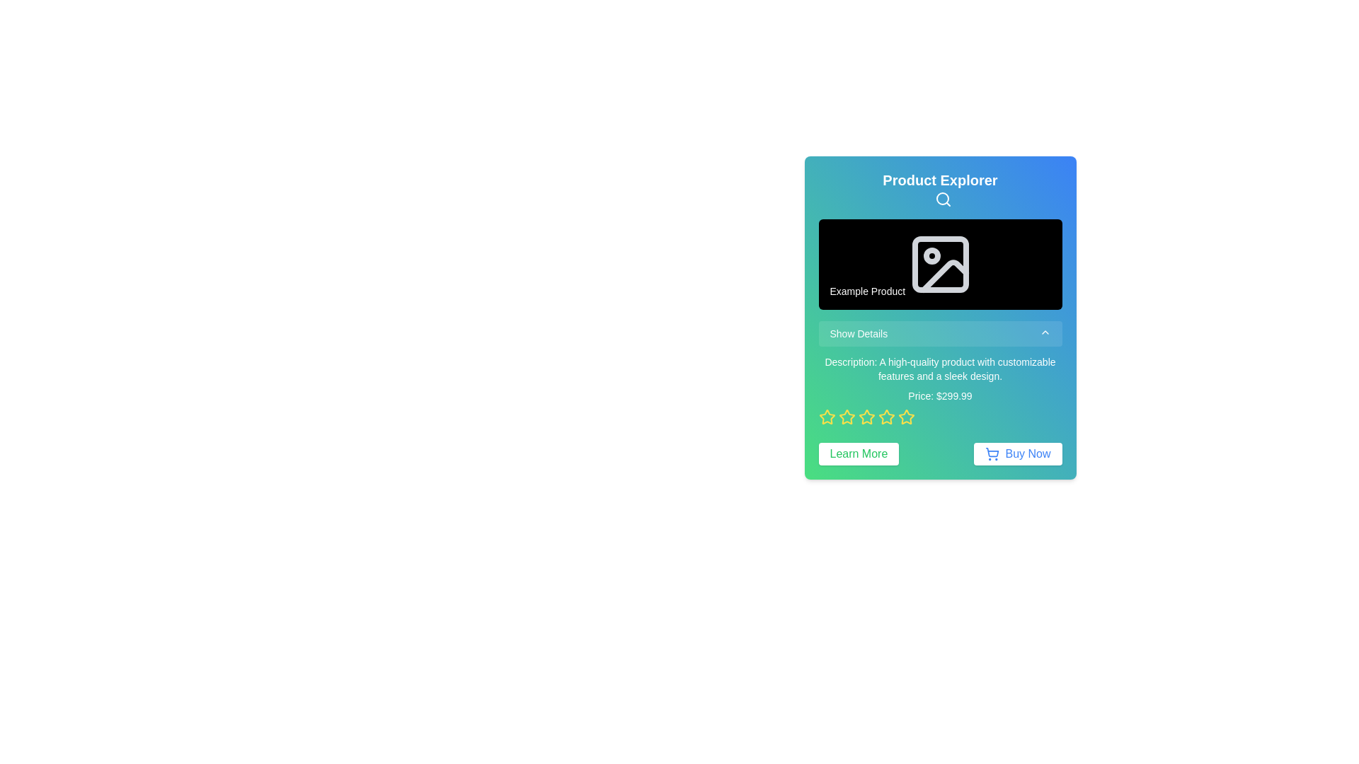 This screenshot has width=1359, height=764. I want to click on the static text label that identifies the product, which is located within a black rectangle at the top of a card-shaped layout, so click(866, 290).